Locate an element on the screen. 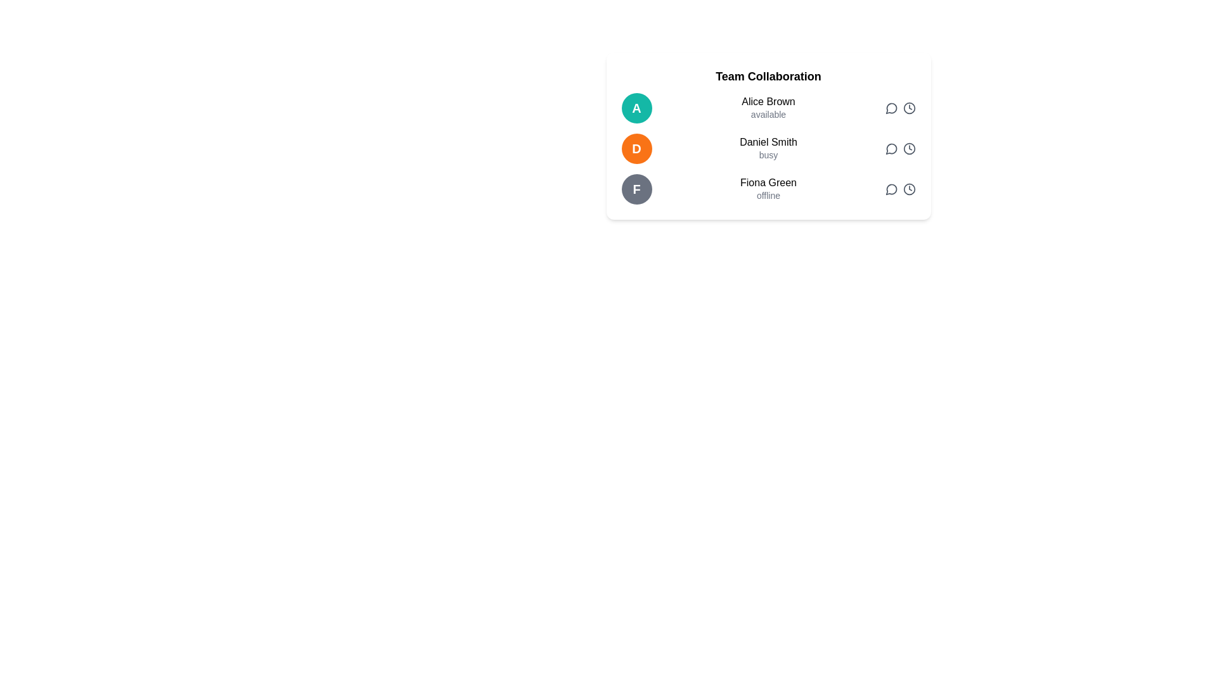 Image resolution: width=1217 pixels, height=684 pixels. the text representation of the second listed user in the 'Team Collaboration' interface is located at coordinates (768, 148).